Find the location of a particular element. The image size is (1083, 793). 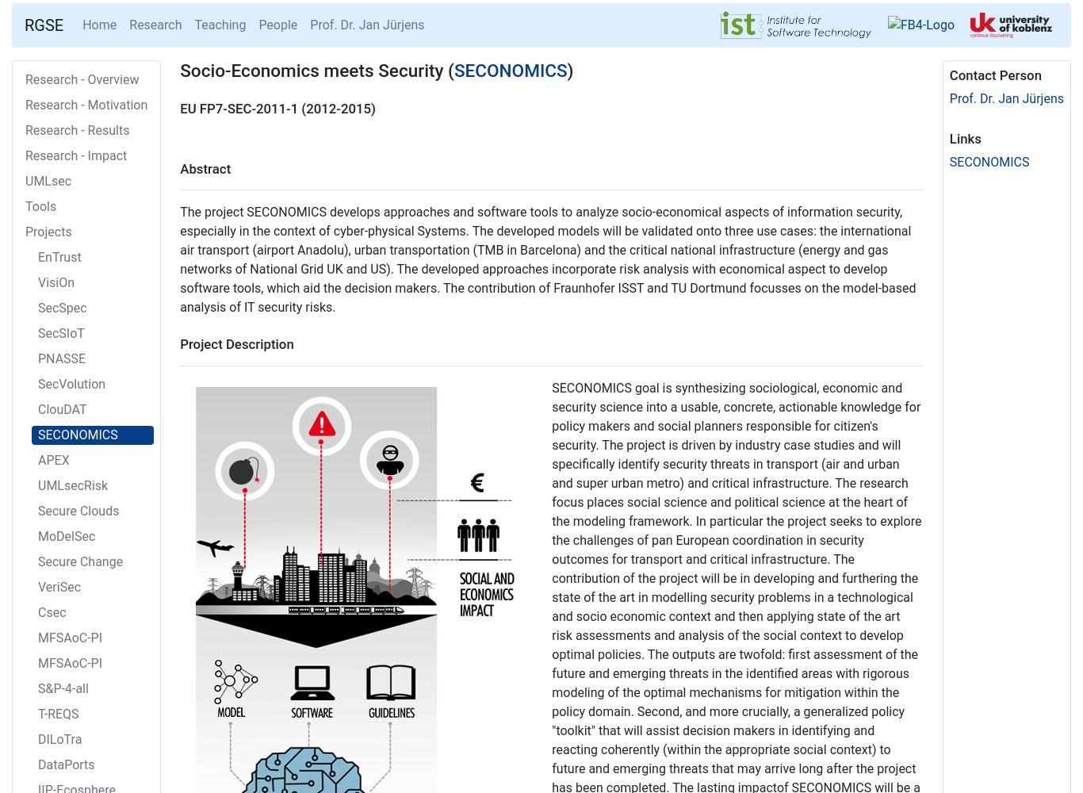

'Research - Motivation' is located at coordinates (86, 105).